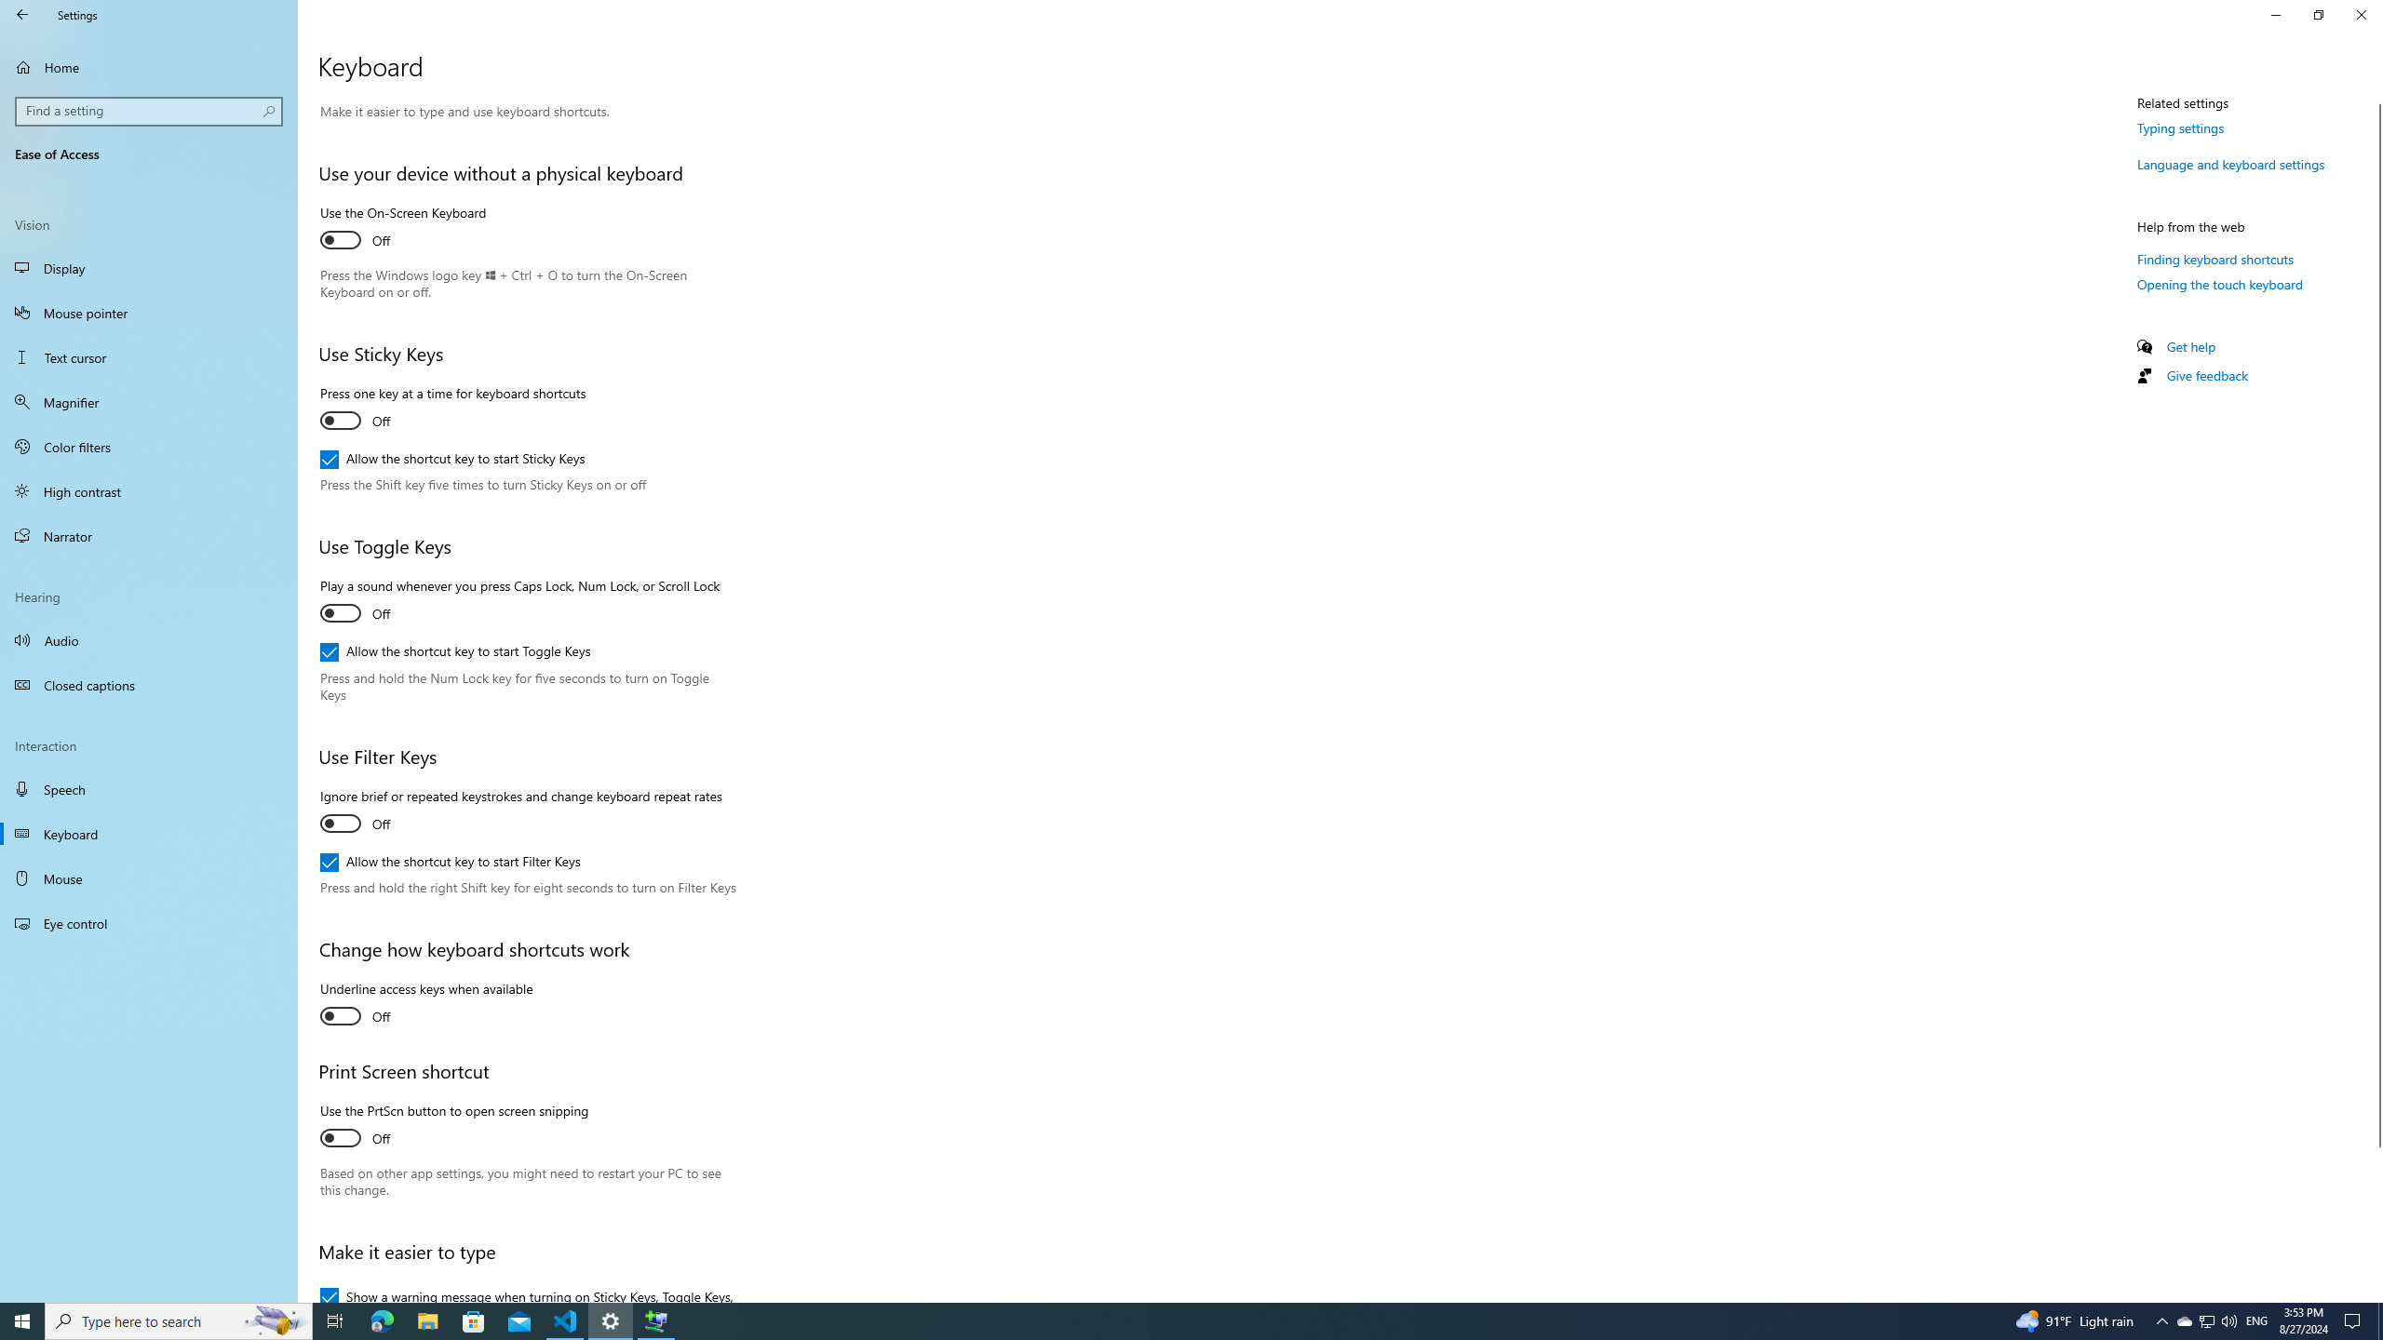  Describe the element at coordinates (148, 788) in the screenshot. I see `'Speech'` at that location.